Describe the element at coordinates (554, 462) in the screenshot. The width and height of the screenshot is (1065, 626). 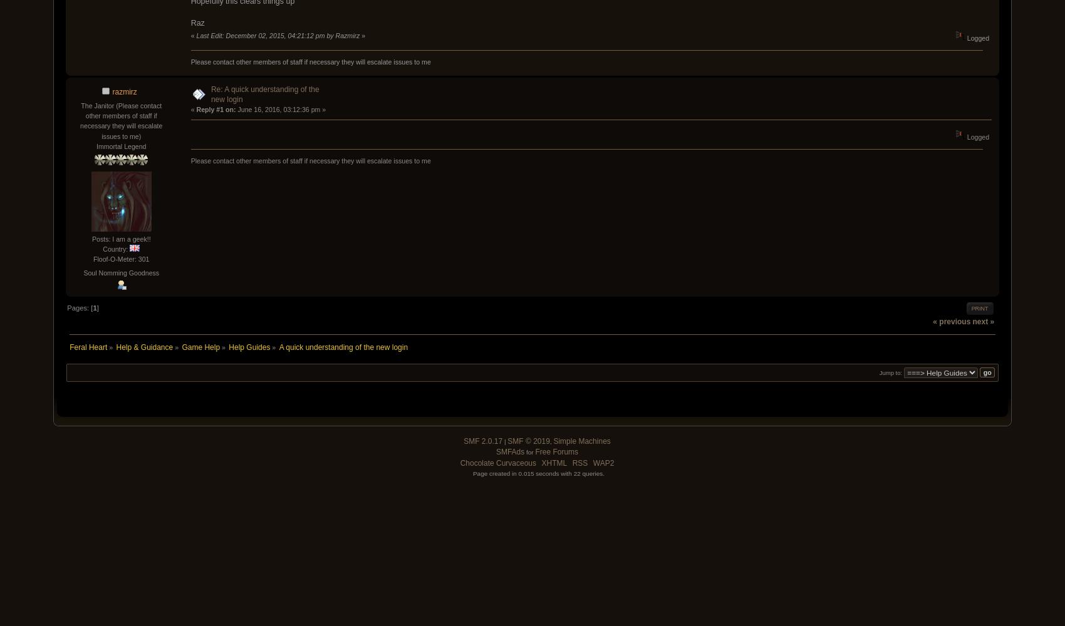
I see `'XHTML'` at that location.